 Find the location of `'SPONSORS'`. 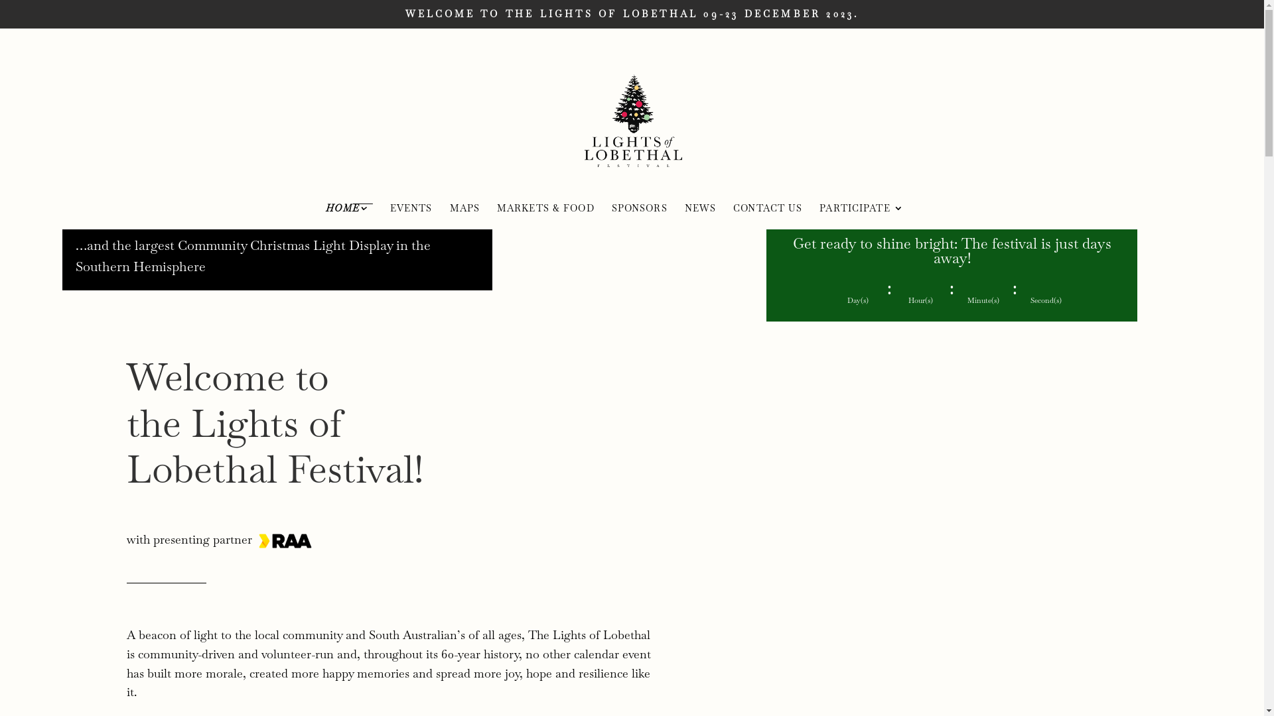

'SPONSORS' is located at coordinates (640, 215).